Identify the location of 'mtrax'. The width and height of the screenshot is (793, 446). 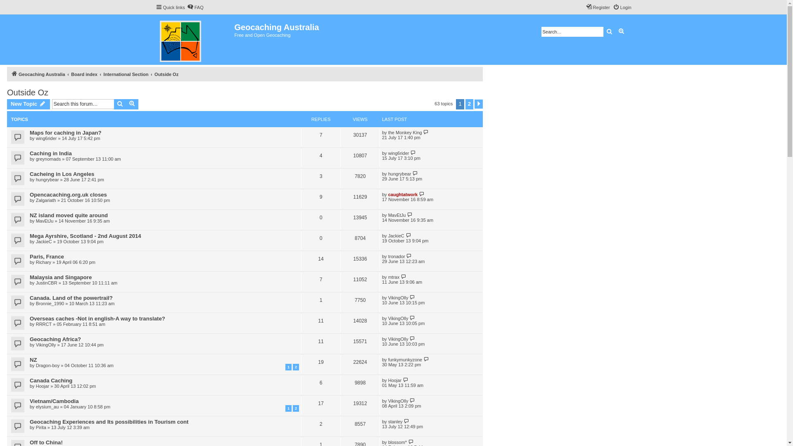
(394, 277).